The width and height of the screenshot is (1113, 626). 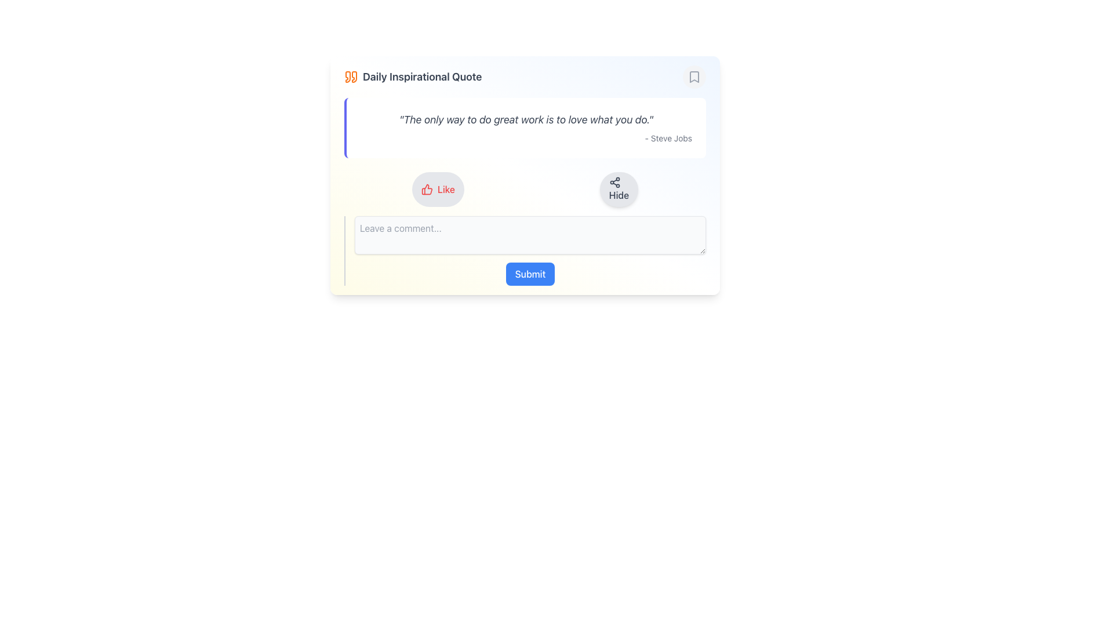 I want to click on the lower part of the decorative quote icon located to the left of the text 'Daily Inspirational Quote', so click(x=347, y=77).